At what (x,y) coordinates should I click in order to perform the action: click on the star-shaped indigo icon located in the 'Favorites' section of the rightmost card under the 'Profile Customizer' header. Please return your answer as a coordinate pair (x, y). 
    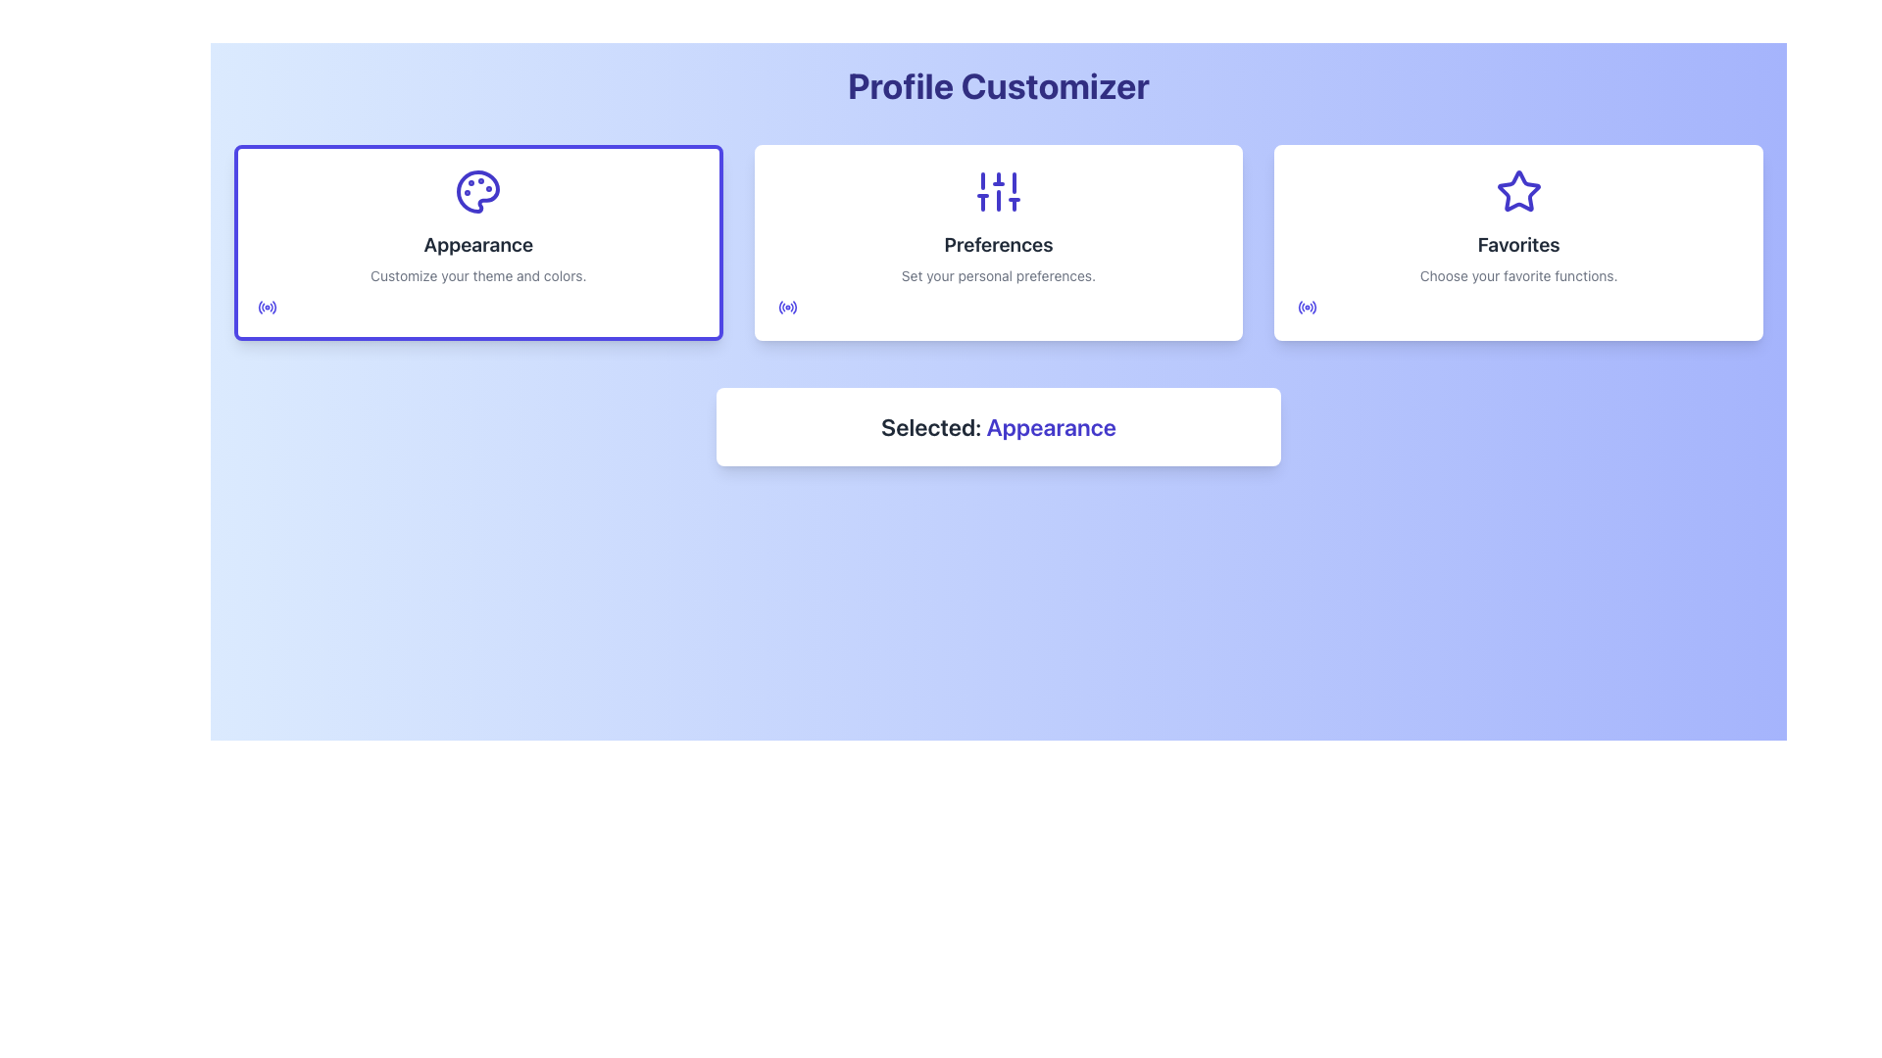
    Looking at the image, I should click on (1517, 191).